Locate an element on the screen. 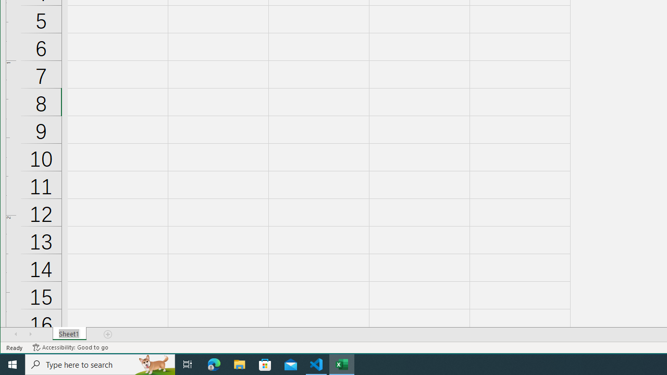 The image size is (667, 375). 'File Explorer' is located at coordinates (239, 364).